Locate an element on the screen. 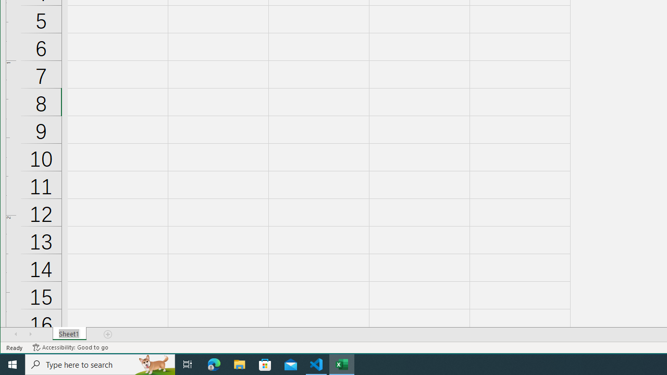 The image size is (667, 375). 'File Explorer' is located at coordinates (239, 364).